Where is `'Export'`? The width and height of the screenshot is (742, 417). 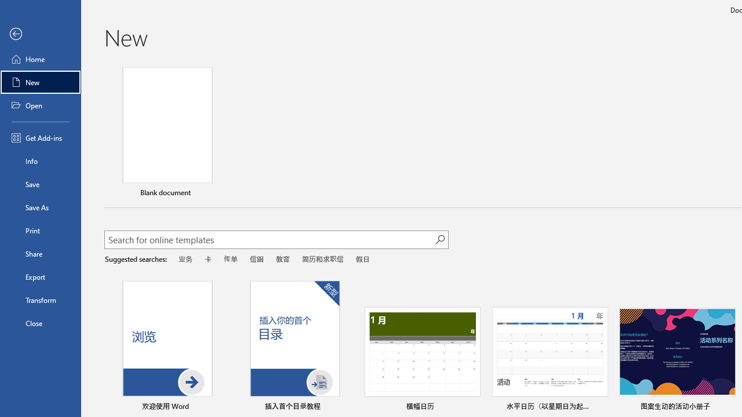 'Export' is located at coordinates (40, 277).